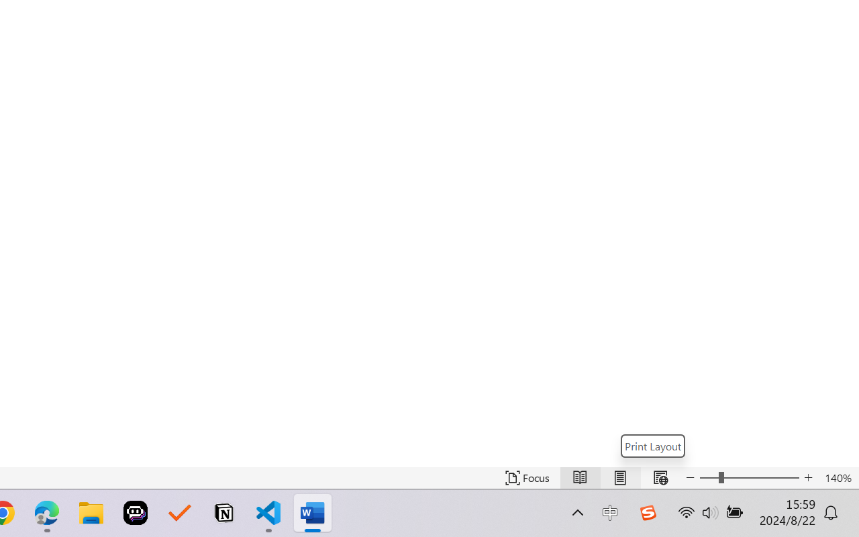 Image resolution: width=859 pixels, height=537 pixels. I want to click on 'Read Mode', so click(580, 477).